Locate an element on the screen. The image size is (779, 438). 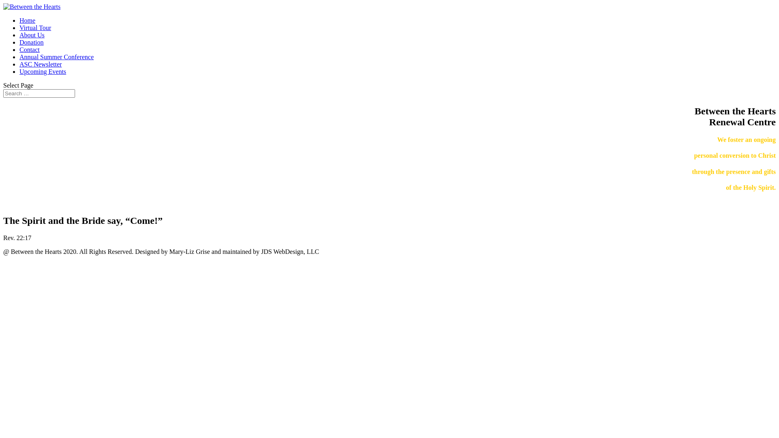
'About Us' is located at coordinates (32, 34).